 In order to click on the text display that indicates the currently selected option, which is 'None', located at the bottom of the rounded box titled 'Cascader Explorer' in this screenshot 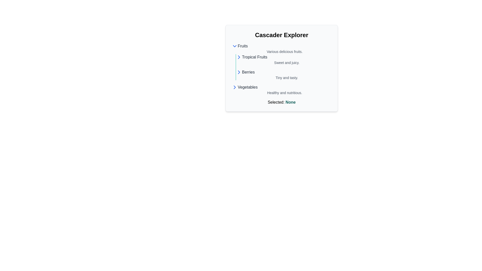, I will do `click(282, 102)`.